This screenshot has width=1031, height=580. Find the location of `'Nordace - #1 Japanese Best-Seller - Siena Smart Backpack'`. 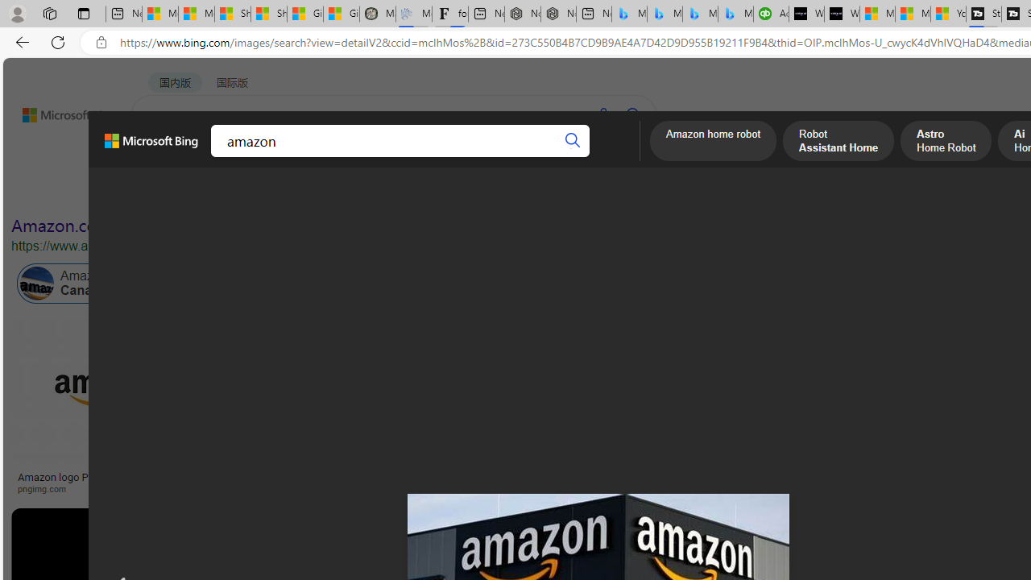

'Nordace - #1 Japanese Best-Seller - Siena Smart Backpack' is located at coordinates (558, 14).